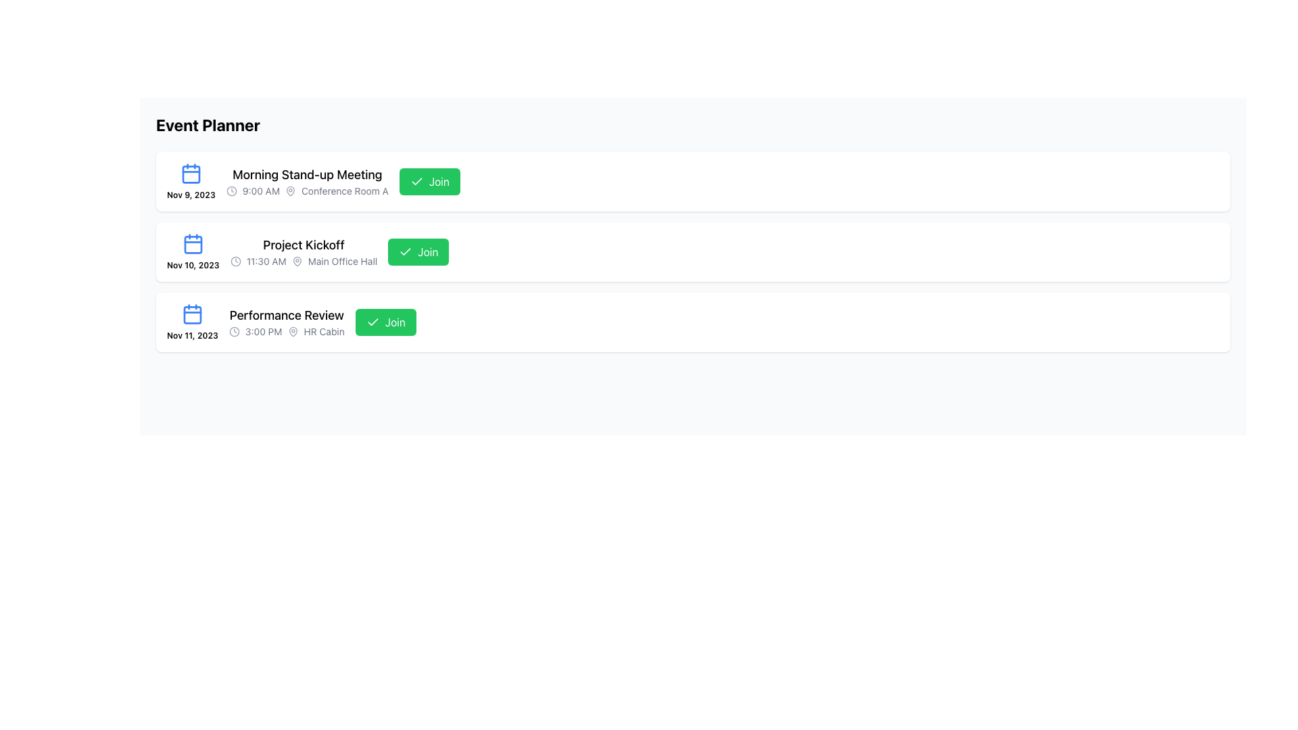 Image resolution: width=1298 pixels, height=730 pixels. I want to click on text label indicating a specific date, located below the calendar icon in the second event card, aligned to the left, so click(192, 266).